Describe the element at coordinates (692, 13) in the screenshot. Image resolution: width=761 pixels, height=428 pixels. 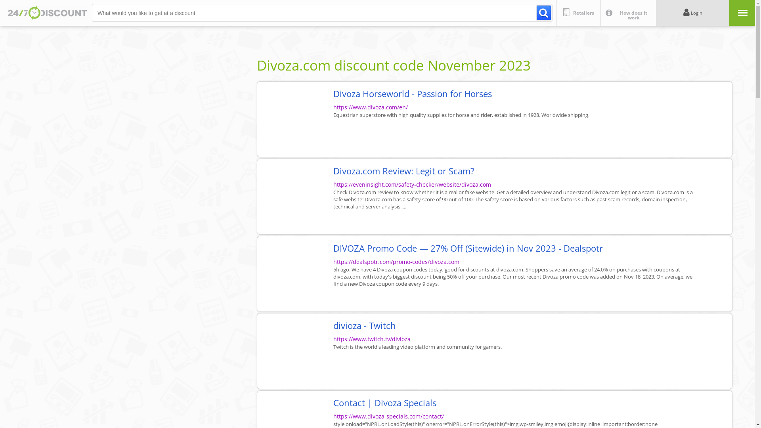
I see `'Login'` at that location.